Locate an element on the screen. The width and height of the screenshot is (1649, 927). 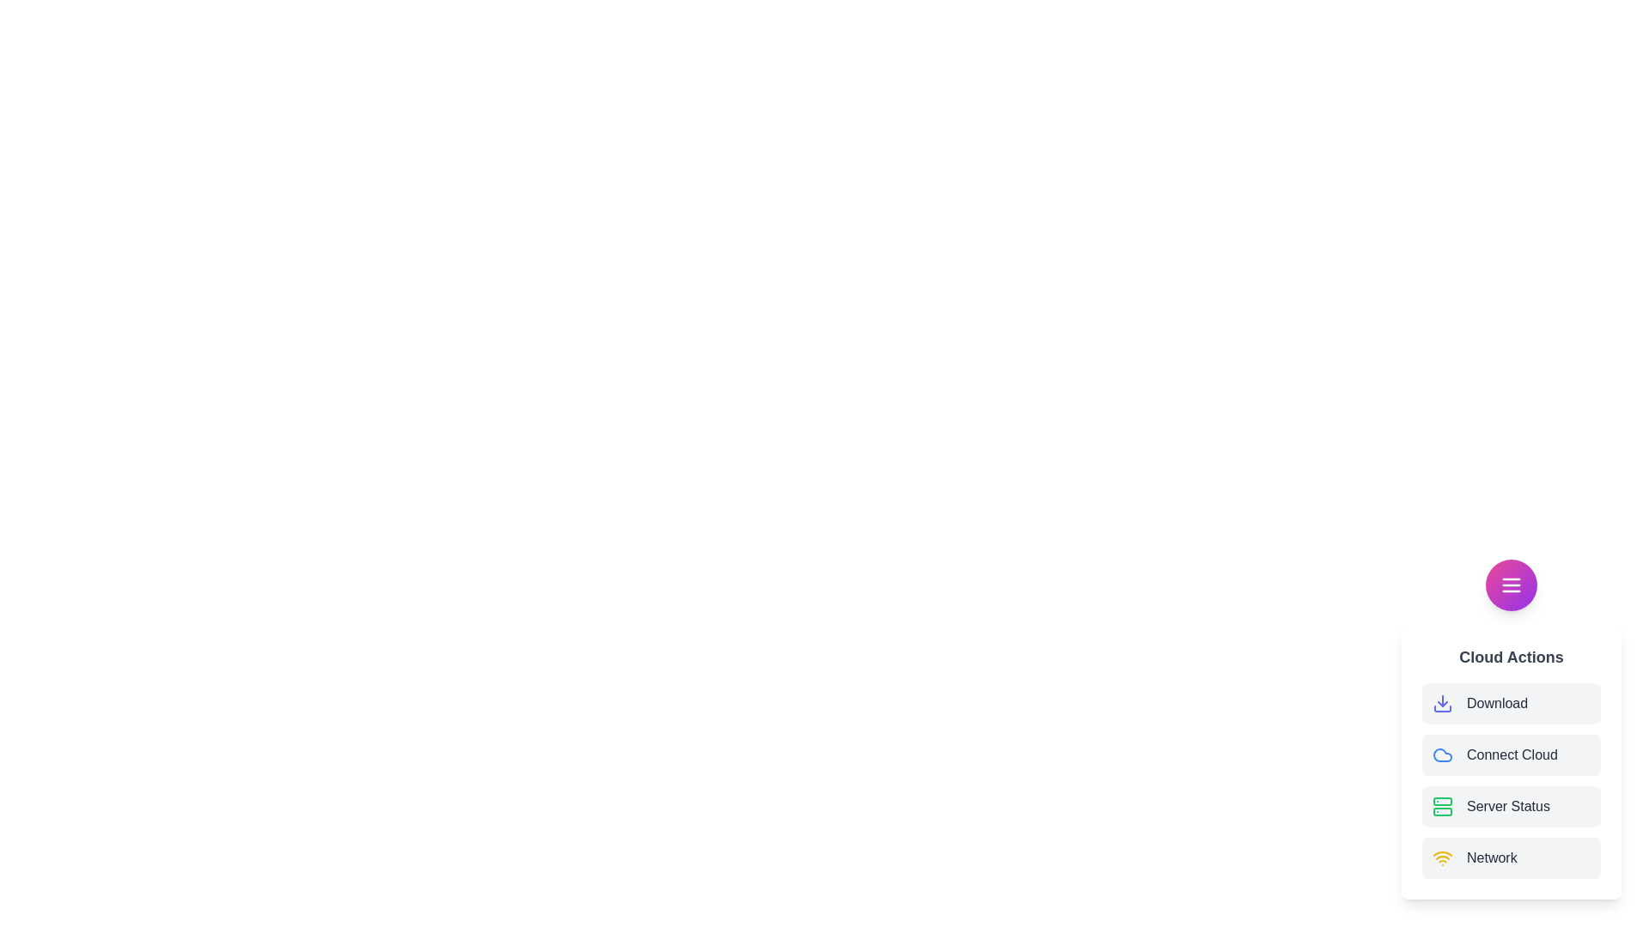
the utility action Server Status from the menu is located at coordinates (1512, 807).